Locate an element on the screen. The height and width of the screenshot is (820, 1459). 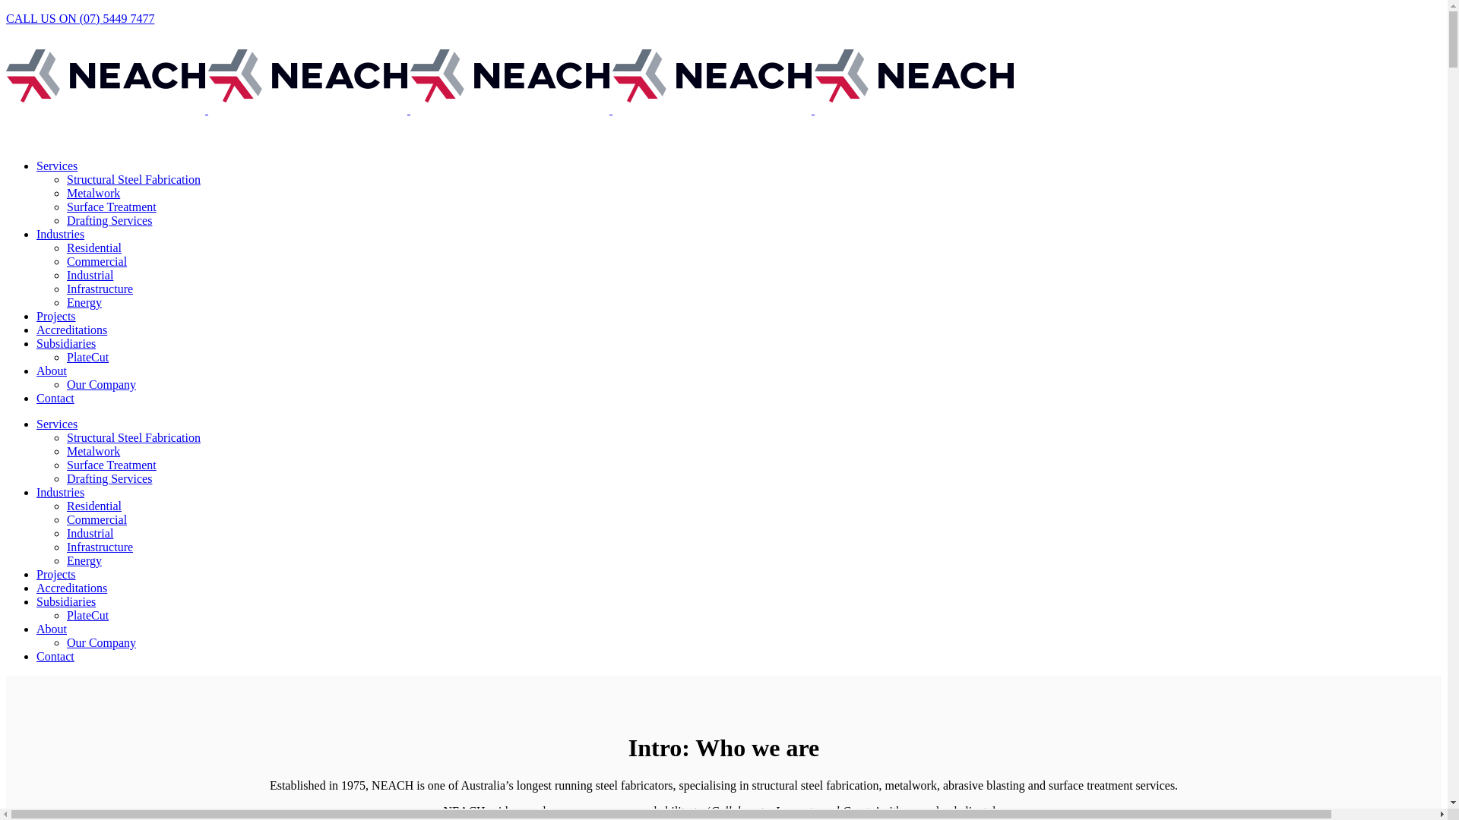
'Our Company' is located at coordinates (100, 642).